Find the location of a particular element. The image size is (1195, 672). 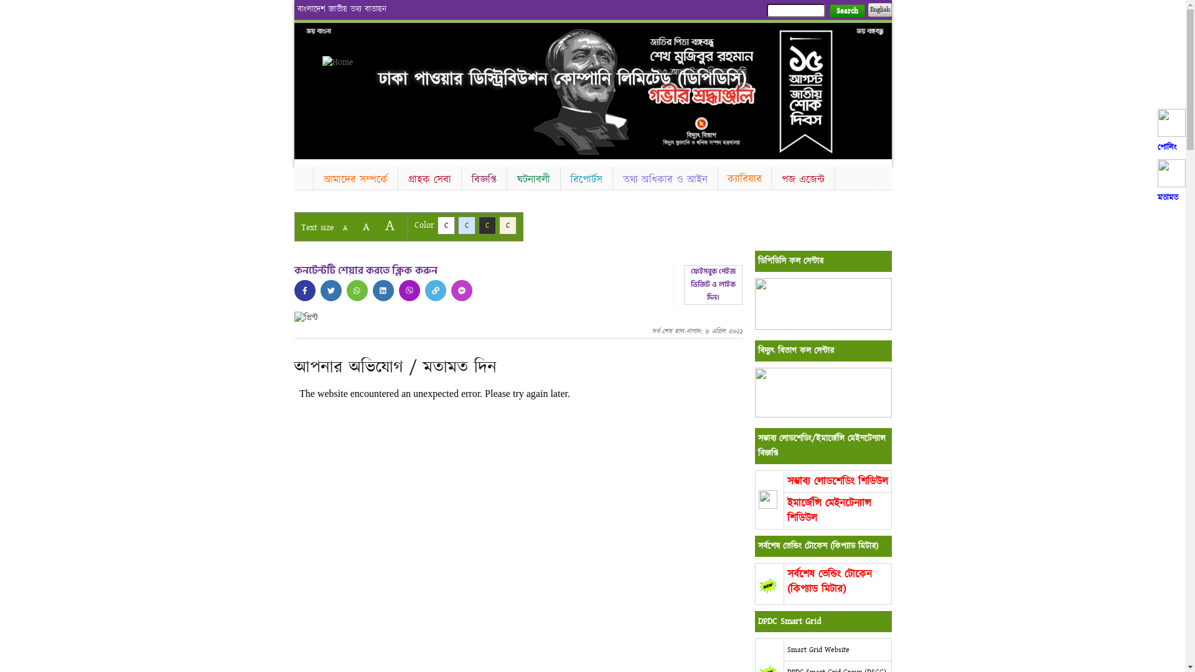

'English' is located at coordinates (866, 9).